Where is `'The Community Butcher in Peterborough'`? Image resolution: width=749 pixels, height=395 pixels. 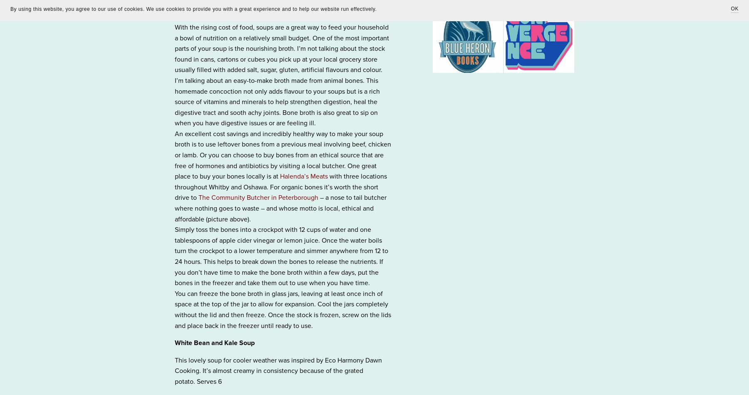
'The Community Butcher in Peterborough' is located at coordinates (258, 197).